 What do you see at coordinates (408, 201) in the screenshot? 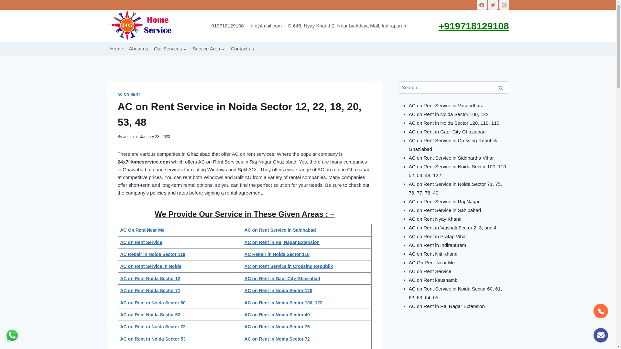
I see `'AC on Rent Service in Raj Nagar'` at bounding box center [408, 201].